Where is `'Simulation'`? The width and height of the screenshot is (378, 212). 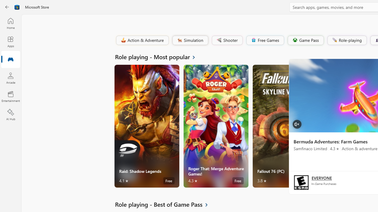 'Simulation' is located at coordinates (190, 40).